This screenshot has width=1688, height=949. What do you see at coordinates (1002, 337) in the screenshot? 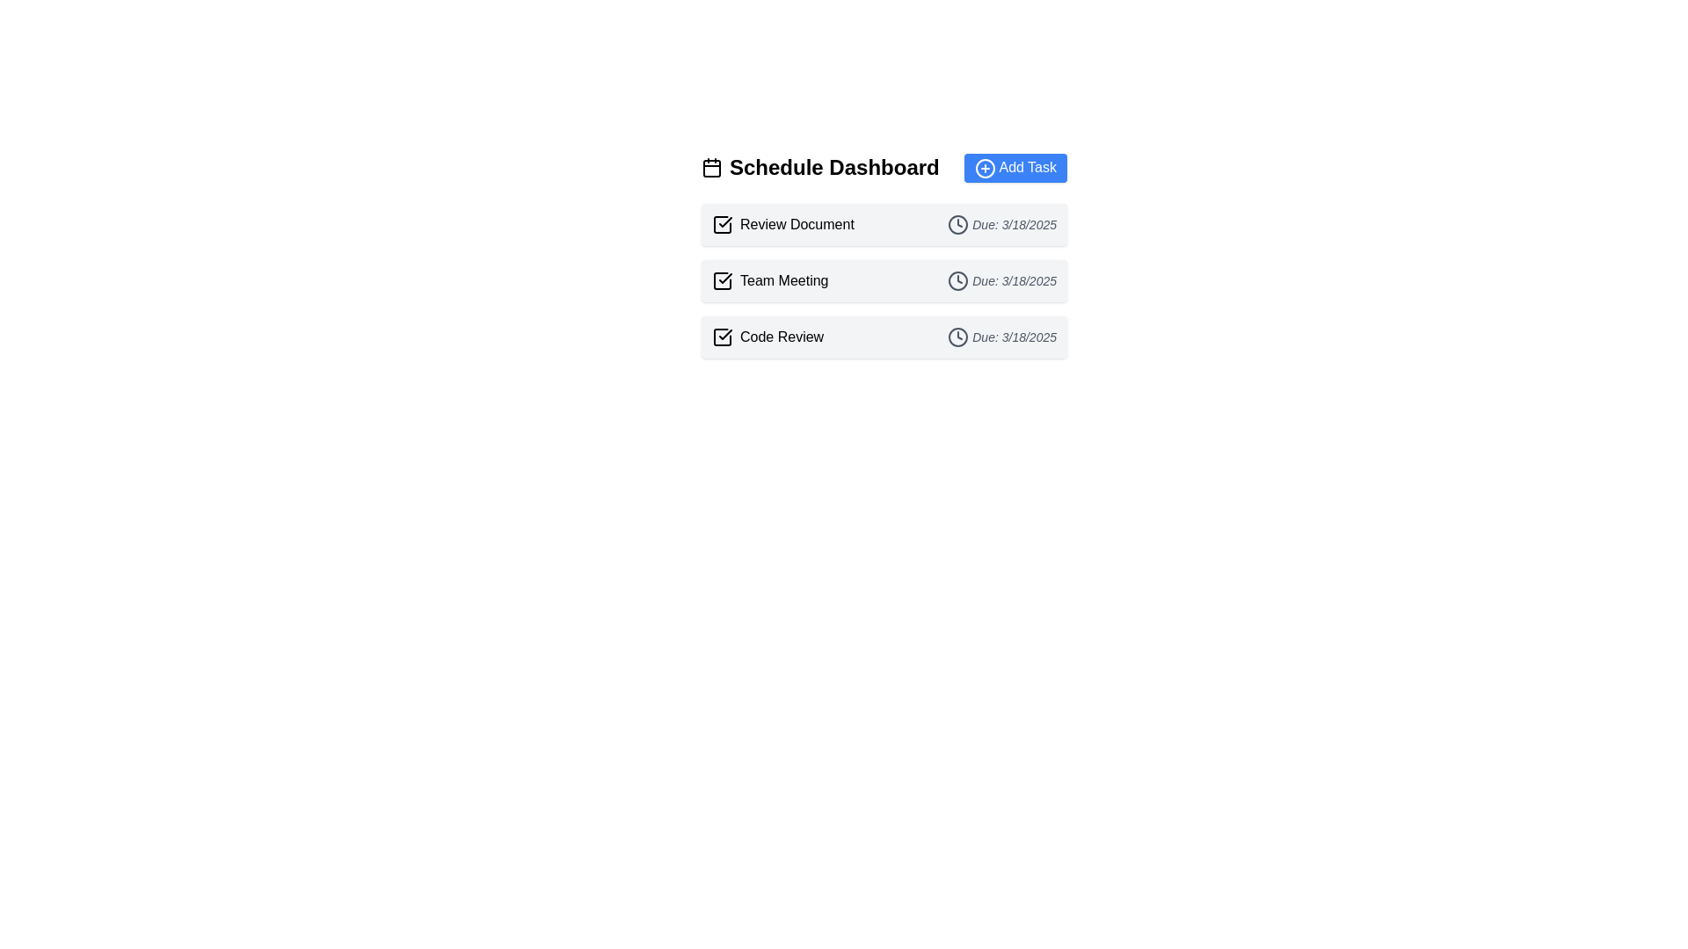
I see `the text element that displays the due date of the task 'Code Review' in the third task block under the 'Schedule Dashboard' heading` at bounding box center [1002, 337].